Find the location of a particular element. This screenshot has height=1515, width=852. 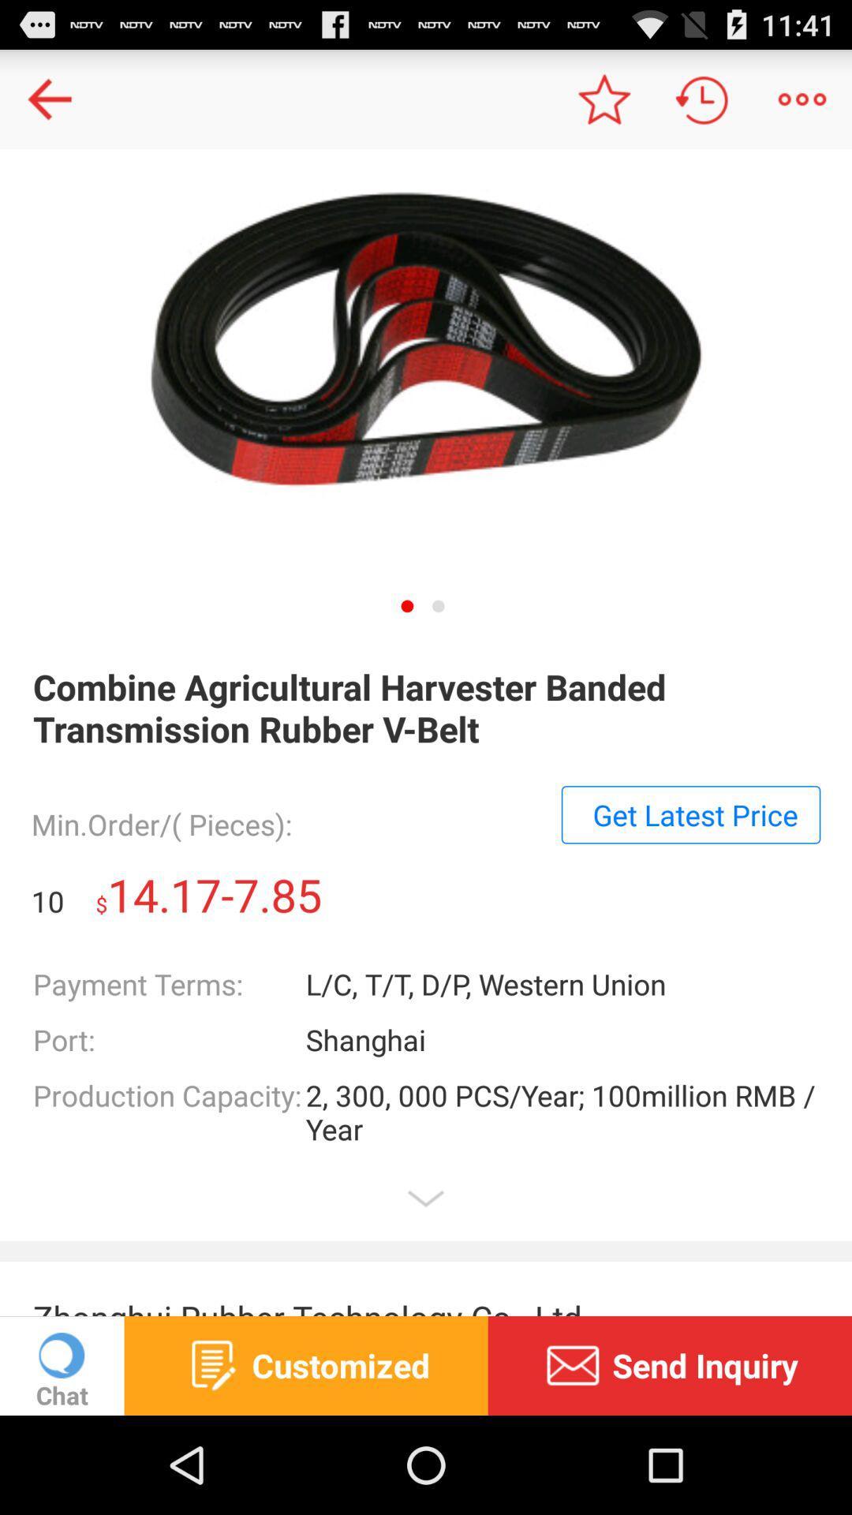

the more icon is located at coordinates (802, 105).